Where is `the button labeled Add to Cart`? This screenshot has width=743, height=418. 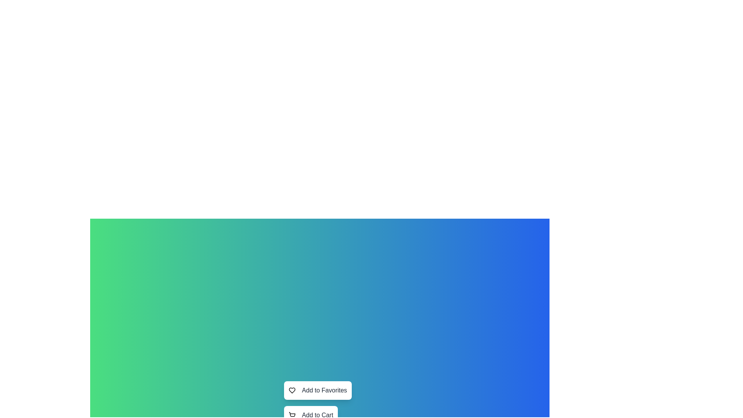 the button labeled Add to Cart is located at coordinates (311, 415).